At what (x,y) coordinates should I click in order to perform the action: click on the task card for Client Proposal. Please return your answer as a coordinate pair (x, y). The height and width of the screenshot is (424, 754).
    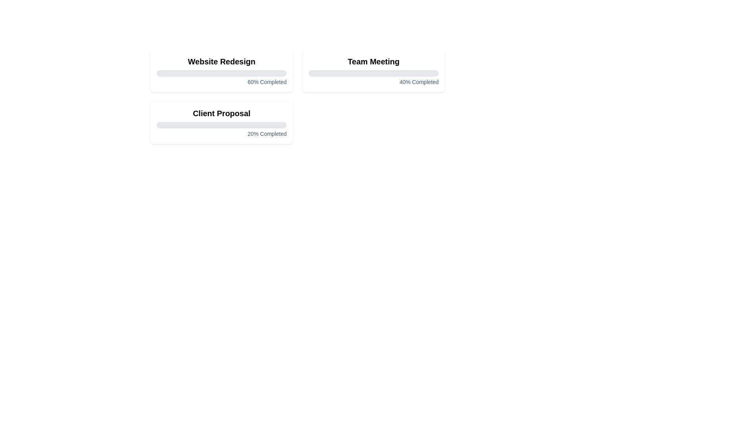
    Looking at the image, I should click on (221, 122).